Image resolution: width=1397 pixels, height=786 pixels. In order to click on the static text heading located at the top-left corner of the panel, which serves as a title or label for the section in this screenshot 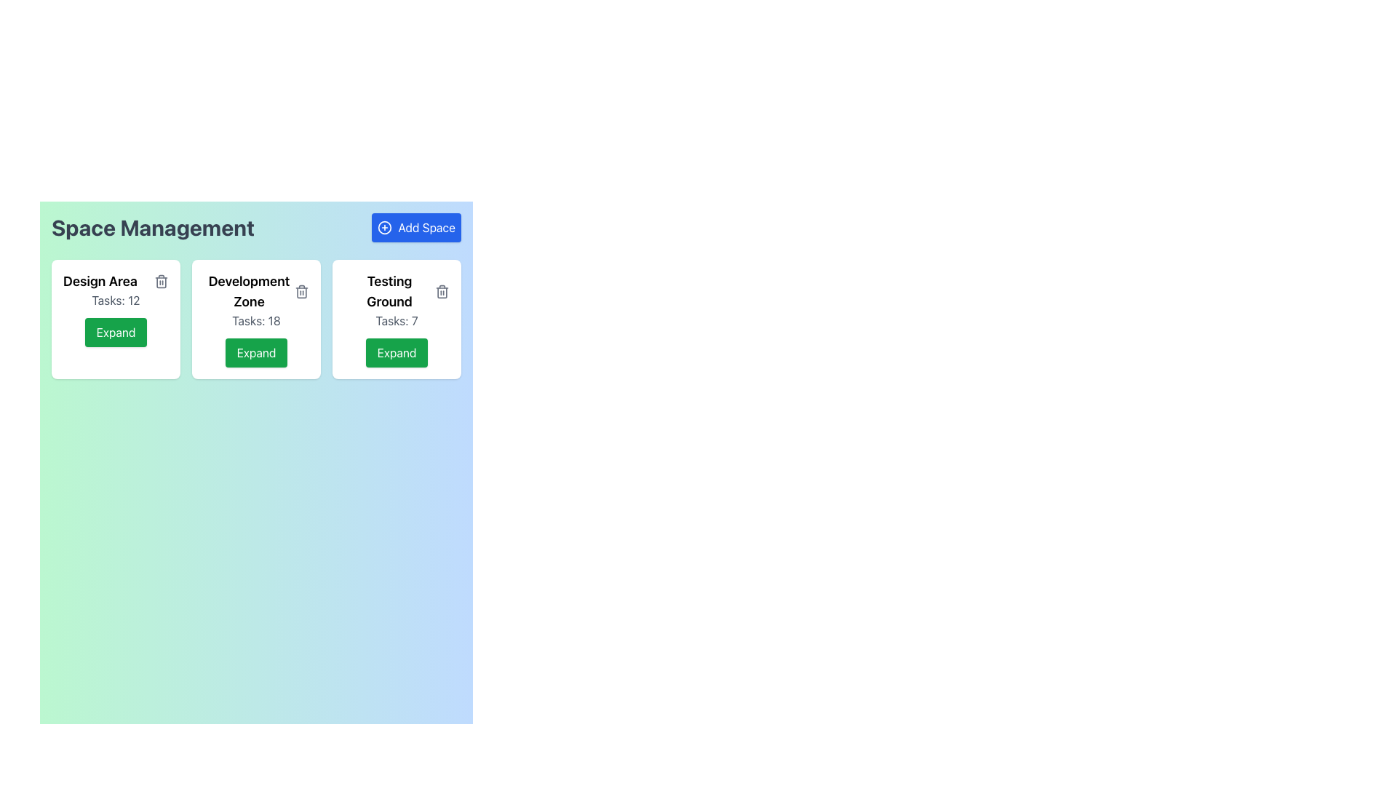, I will do `click(153, 227)`.